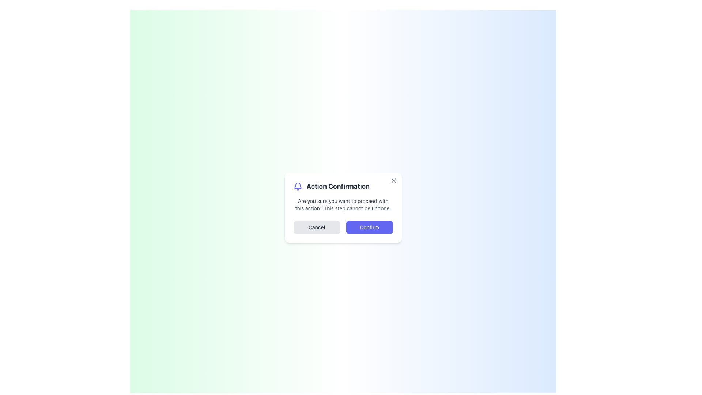  Describe the element at coordinates (343, 204) in the screenshot. I see `the static text field displaying the confirmation message "Are you sure you want to proceed with this action? This step cannot be undone?" located in the confirmation dialog box` at that location.